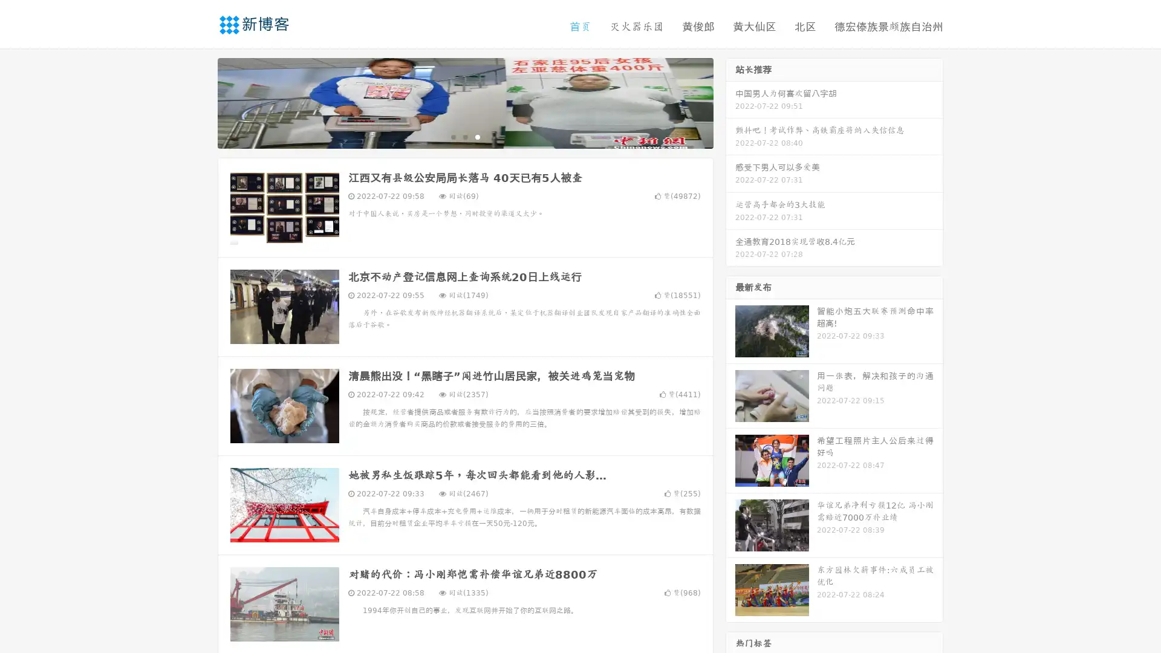 Image resolution: width=1161 pixels, height=653 pixels. I want to click on Next slide, so click(730, 102).